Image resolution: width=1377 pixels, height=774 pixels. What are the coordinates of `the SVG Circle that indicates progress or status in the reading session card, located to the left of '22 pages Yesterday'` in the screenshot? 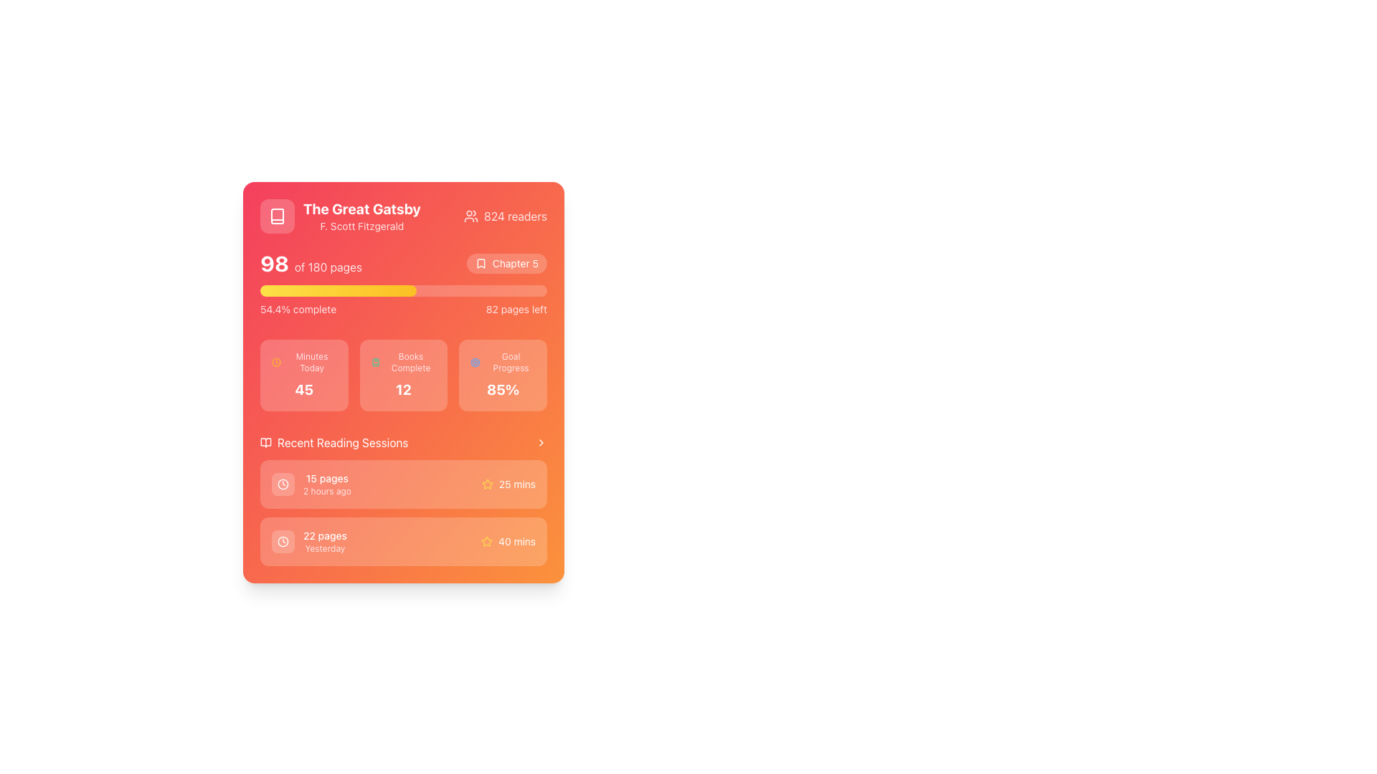 It's located at (283, 542).